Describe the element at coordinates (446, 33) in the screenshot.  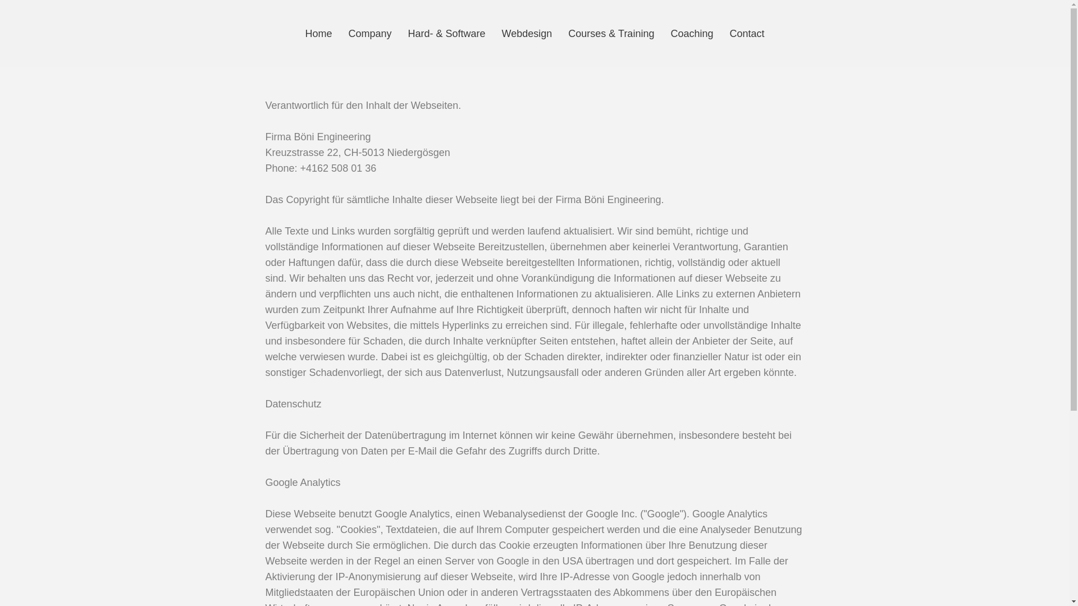
I see `'Hard- & Software'` at that location.